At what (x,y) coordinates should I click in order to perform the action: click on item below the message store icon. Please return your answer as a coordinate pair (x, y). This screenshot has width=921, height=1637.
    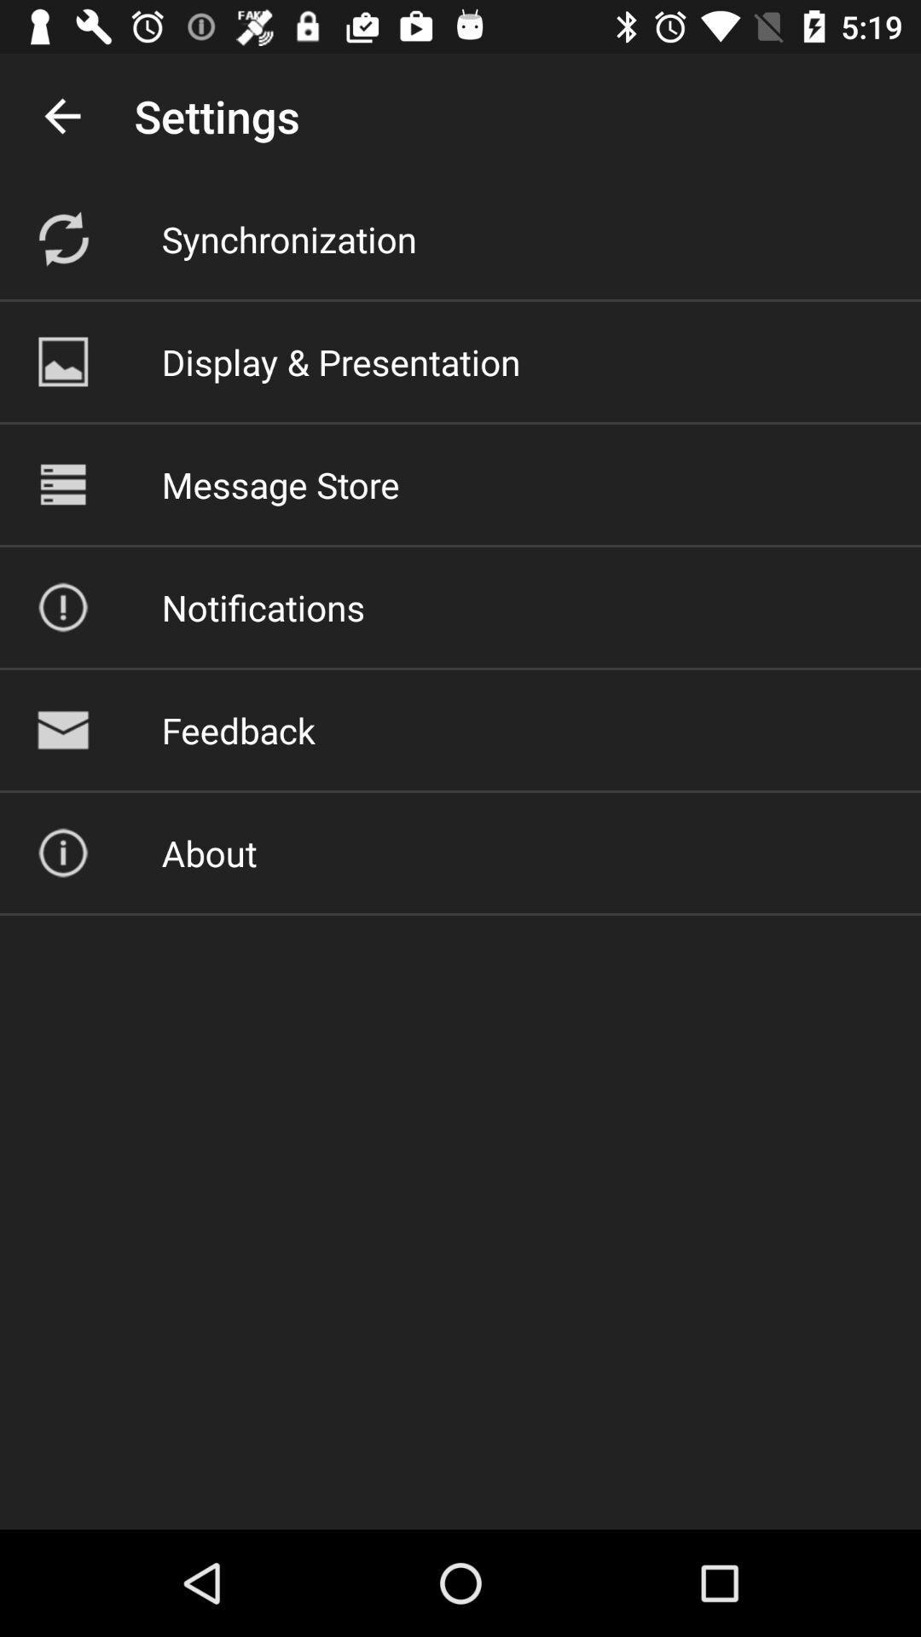
    Looking at the image, I should click on (263, 607).